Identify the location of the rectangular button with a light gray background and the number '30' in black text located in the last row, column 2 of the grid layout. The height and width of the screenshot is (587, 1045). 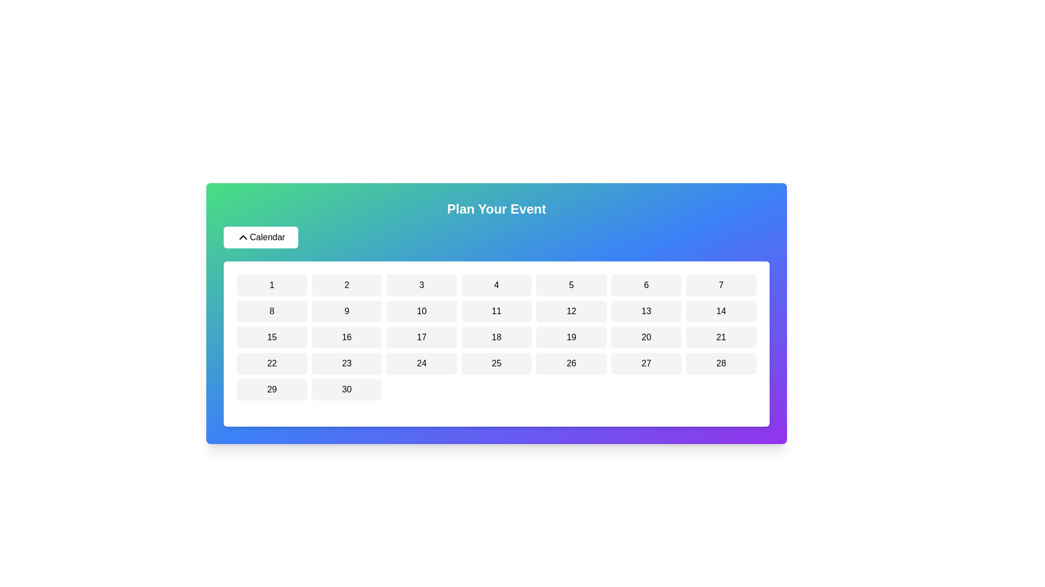
(346, 389).